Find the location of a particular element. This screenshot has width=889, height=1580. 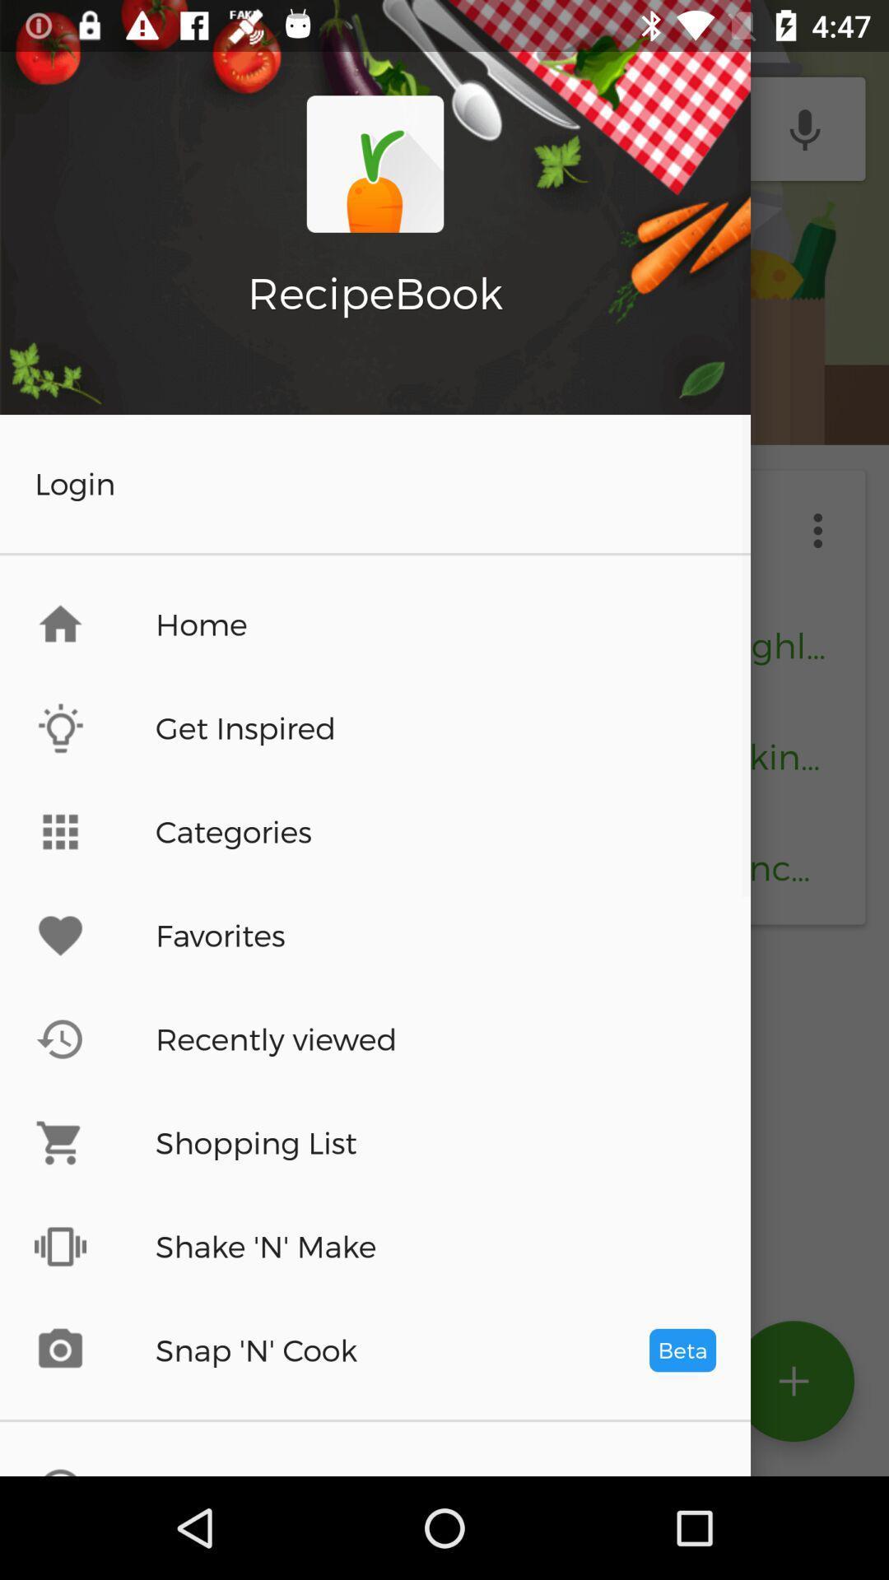

the add icon is located at coordinates (793, 1381).